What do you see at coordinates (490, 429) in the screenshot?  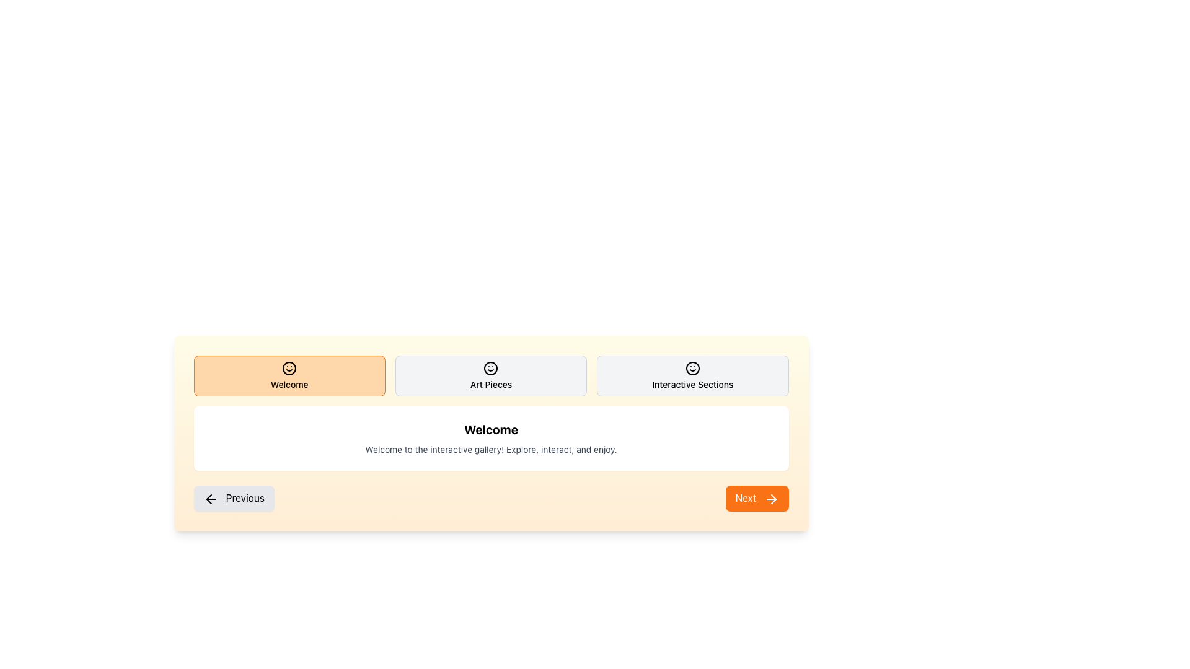 I see `the greeting text label that introduces the user to the current content or page, located at the center of a white box with rounded corners` at bounding box center [490, 429].